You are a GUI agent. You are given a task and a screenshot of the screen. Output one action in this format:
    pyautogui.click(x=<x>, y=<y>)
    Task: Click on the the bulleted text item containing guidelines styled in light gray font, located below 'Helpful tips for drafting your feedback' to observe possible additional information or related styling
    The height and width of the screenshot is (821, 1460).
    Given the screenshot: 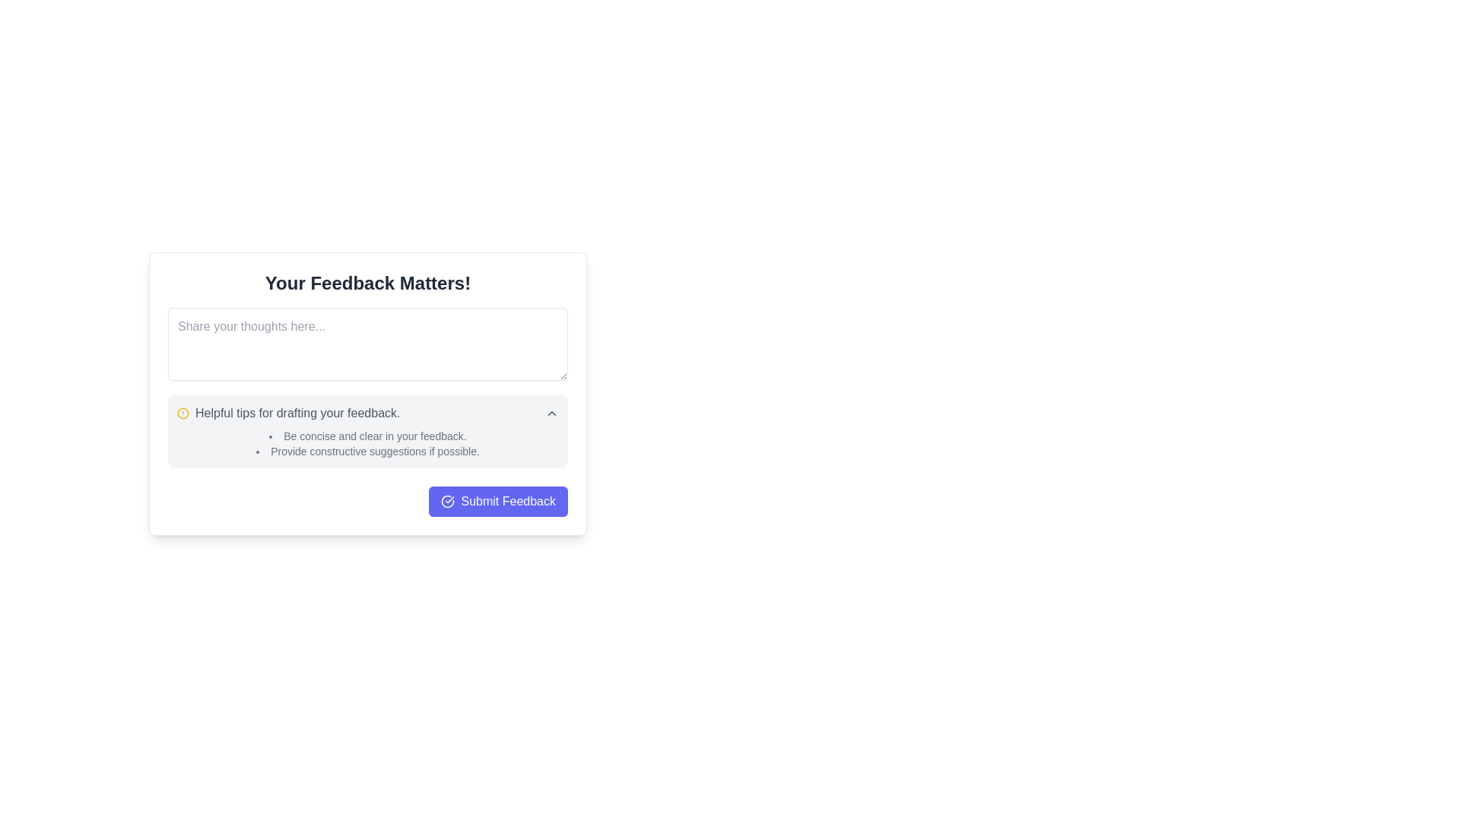 What is the action you would take?
    pyautogui.click(x=368, y=443)
    